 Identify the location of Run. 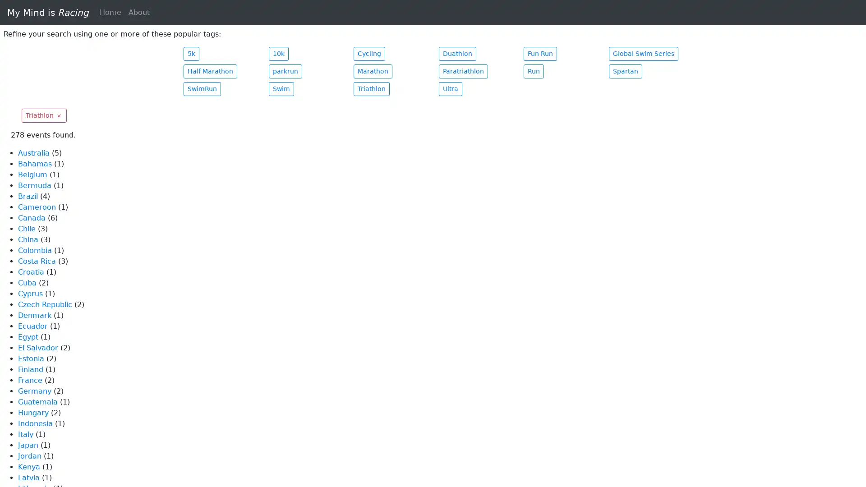
(534, 71).